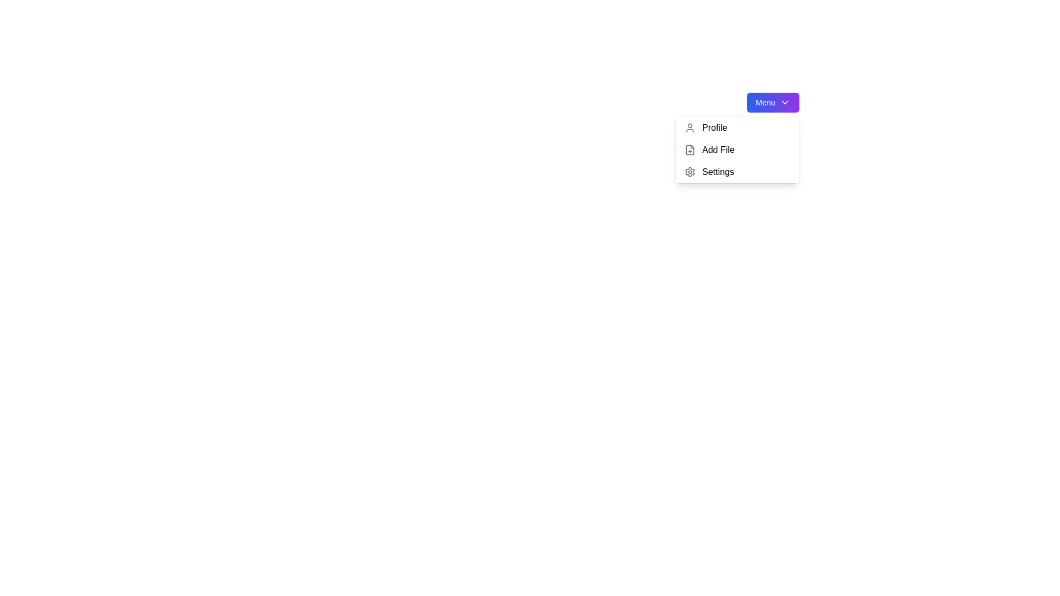 Image resolution: width=1060 pixels, height=596 pixels. What do you see at coordinates (737, 127) in the screenshot?
I see `the 'Profile' menu item` at bounding box center [737, 127].